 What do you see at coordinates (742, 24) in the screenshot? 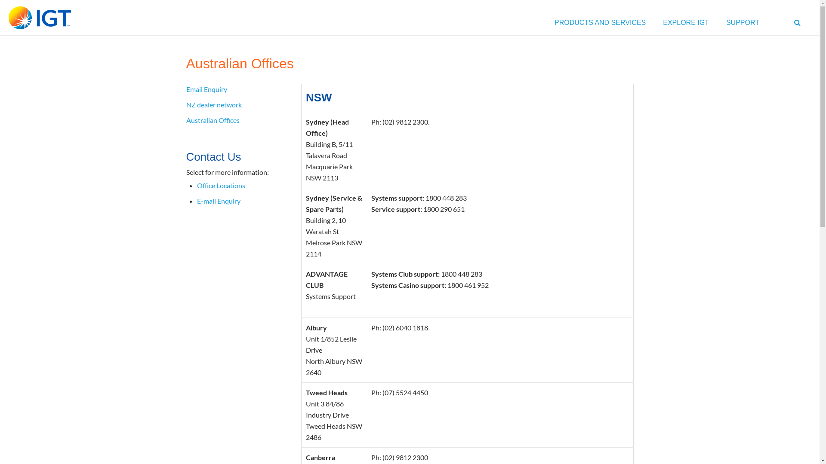
I see `'SUPPORT'` at bounding box center [742, 24].